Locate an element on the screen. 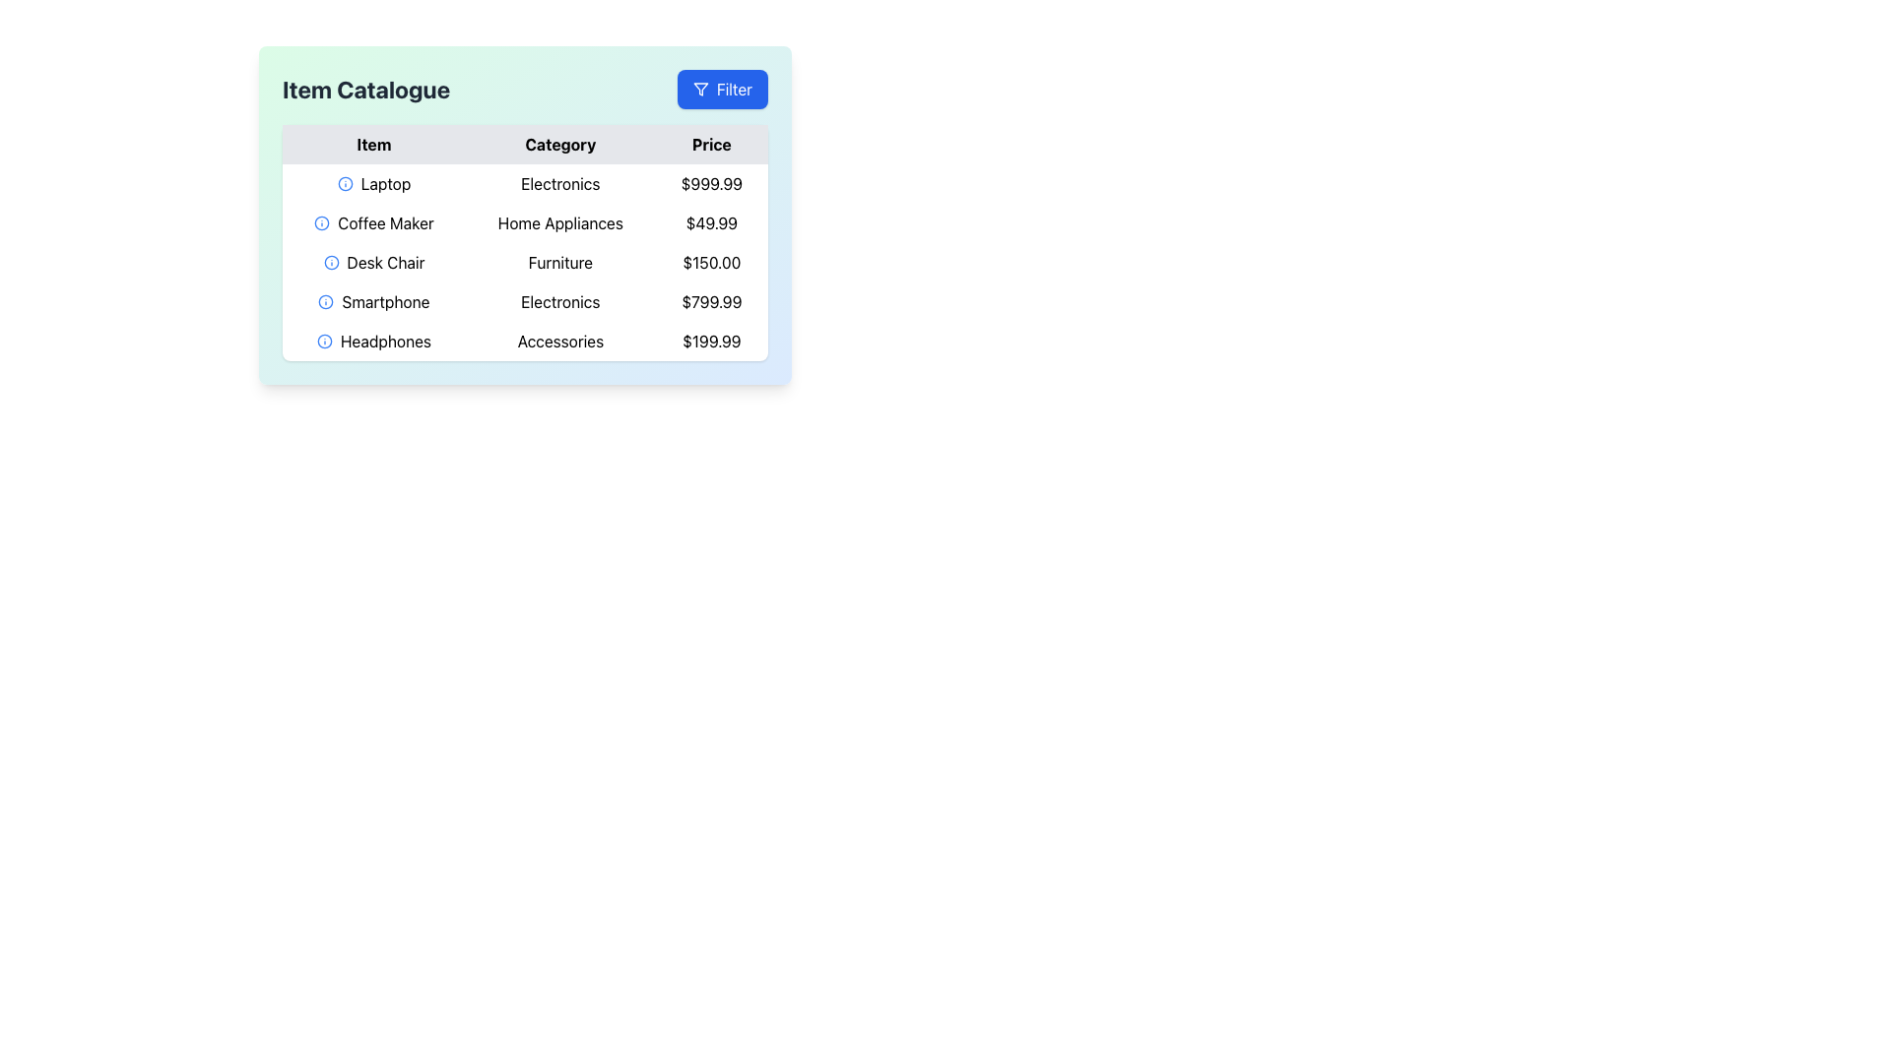 The image size is (1891, 1063). the 'Item' column header in the table, which is the first label in the header row is located at coordinates (373, 143).